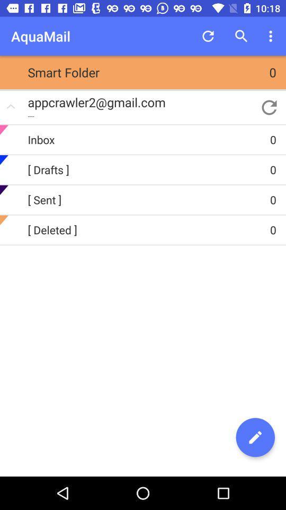 The image size is (286, 510). What do you see at coordinates (269, 107) in the screenshot?
I see `item above the inbox` at bounding box center [269, 107].